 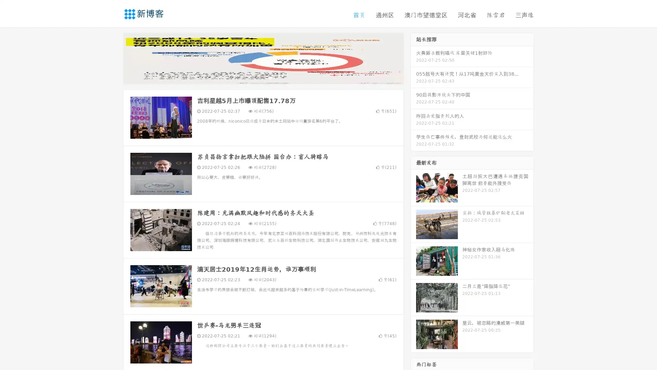 What do you see at coordinates (413, 58) in the screenshot?
I see `Next slide` at bounding box center [413, 58].